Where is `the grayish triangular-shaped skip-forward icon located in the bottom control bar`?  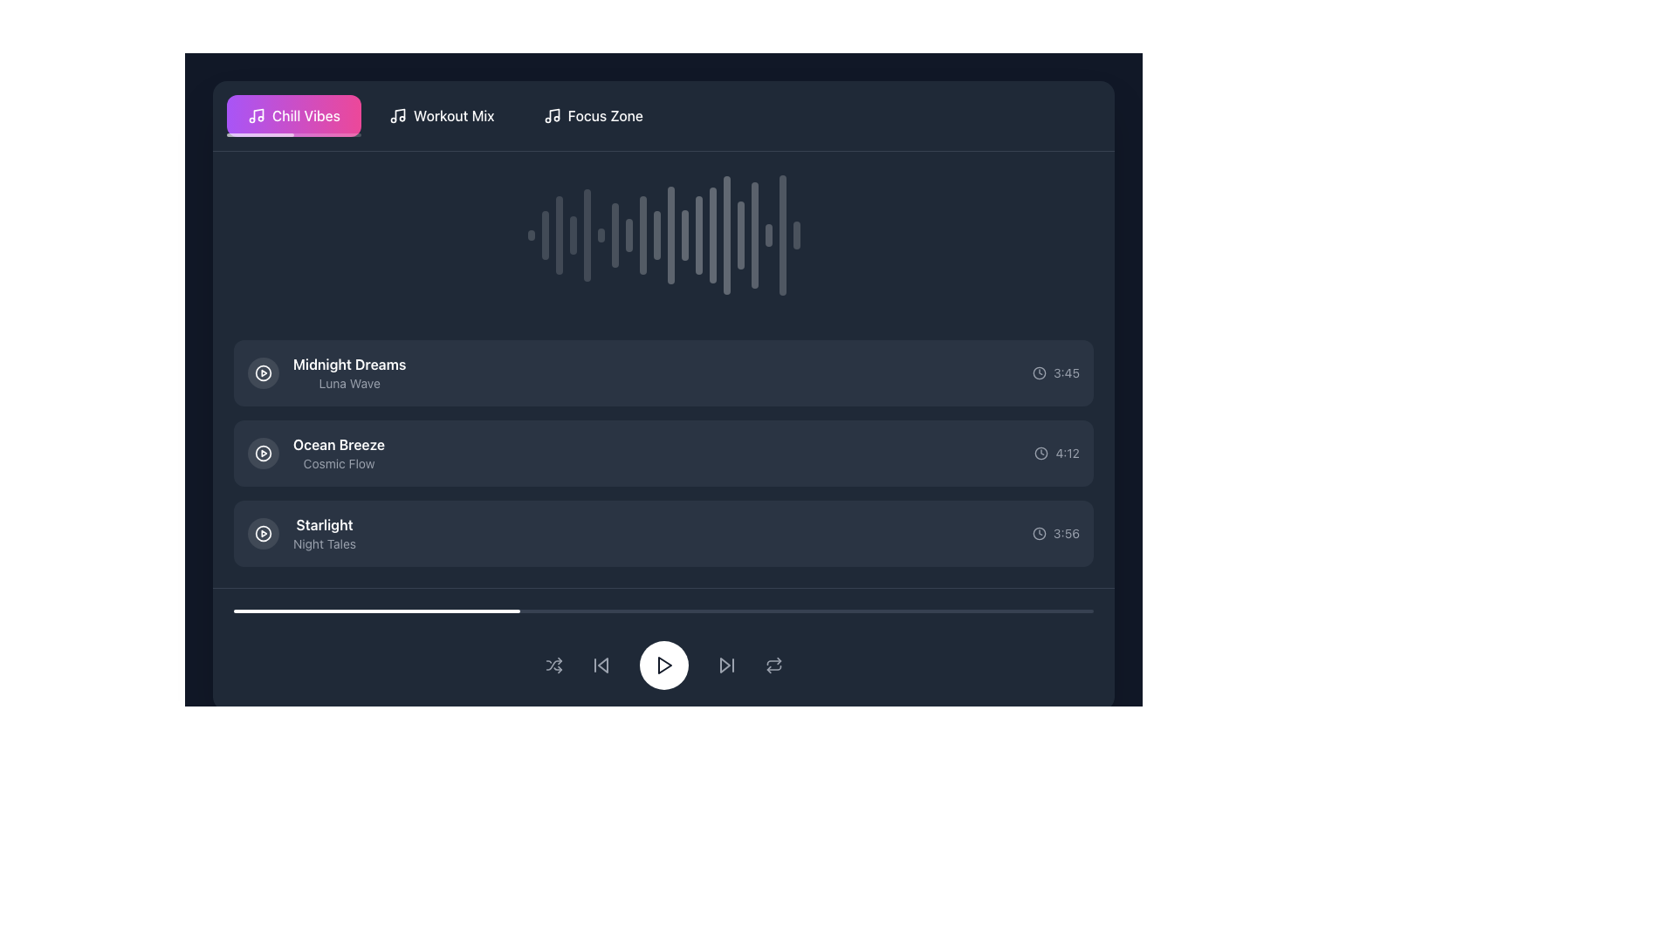 the grayish triangular-shaped skip-forward icon located in the bottom control bar is located at coordinates (725, 666).